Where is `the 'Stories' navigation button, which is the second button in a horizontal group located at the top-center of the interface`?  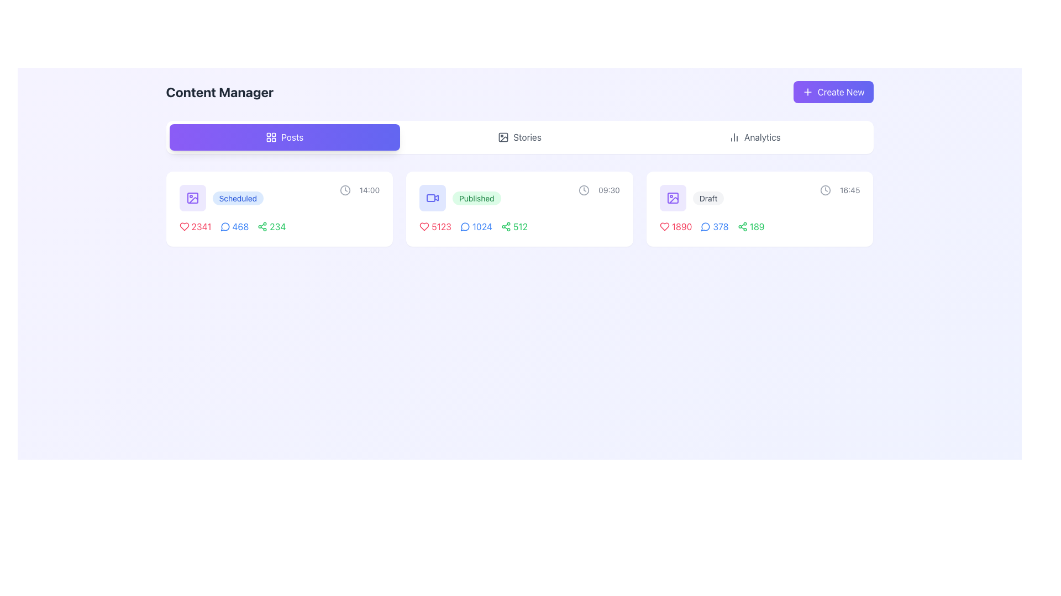 the 'Stories' navigation button, which is the second button in a horizontal group located at the top-center of the interface is located at coordinates (519, 137).